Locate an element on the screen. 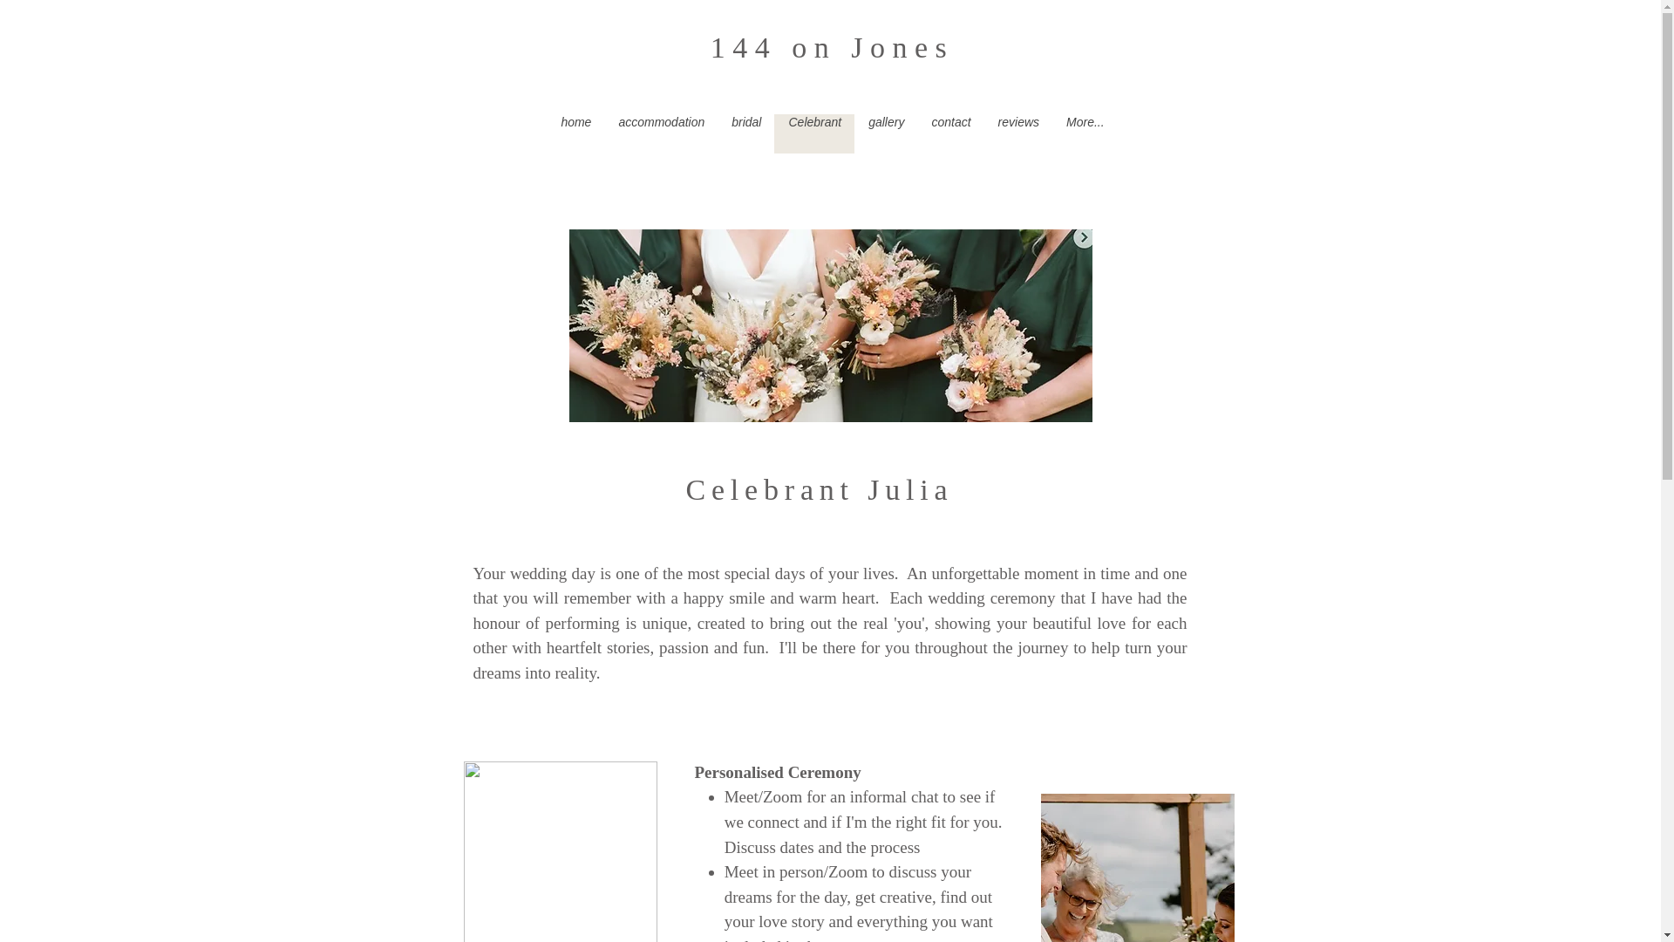 This screenshot has width=1674, height=942. 'contact' is located at coordinates (915, 133).